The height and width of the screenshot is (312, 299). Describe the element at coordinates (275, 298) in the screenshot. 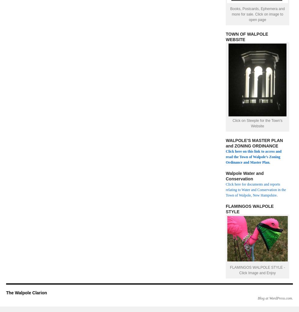

I see `'Blog at WordPress.com.'` at that location.